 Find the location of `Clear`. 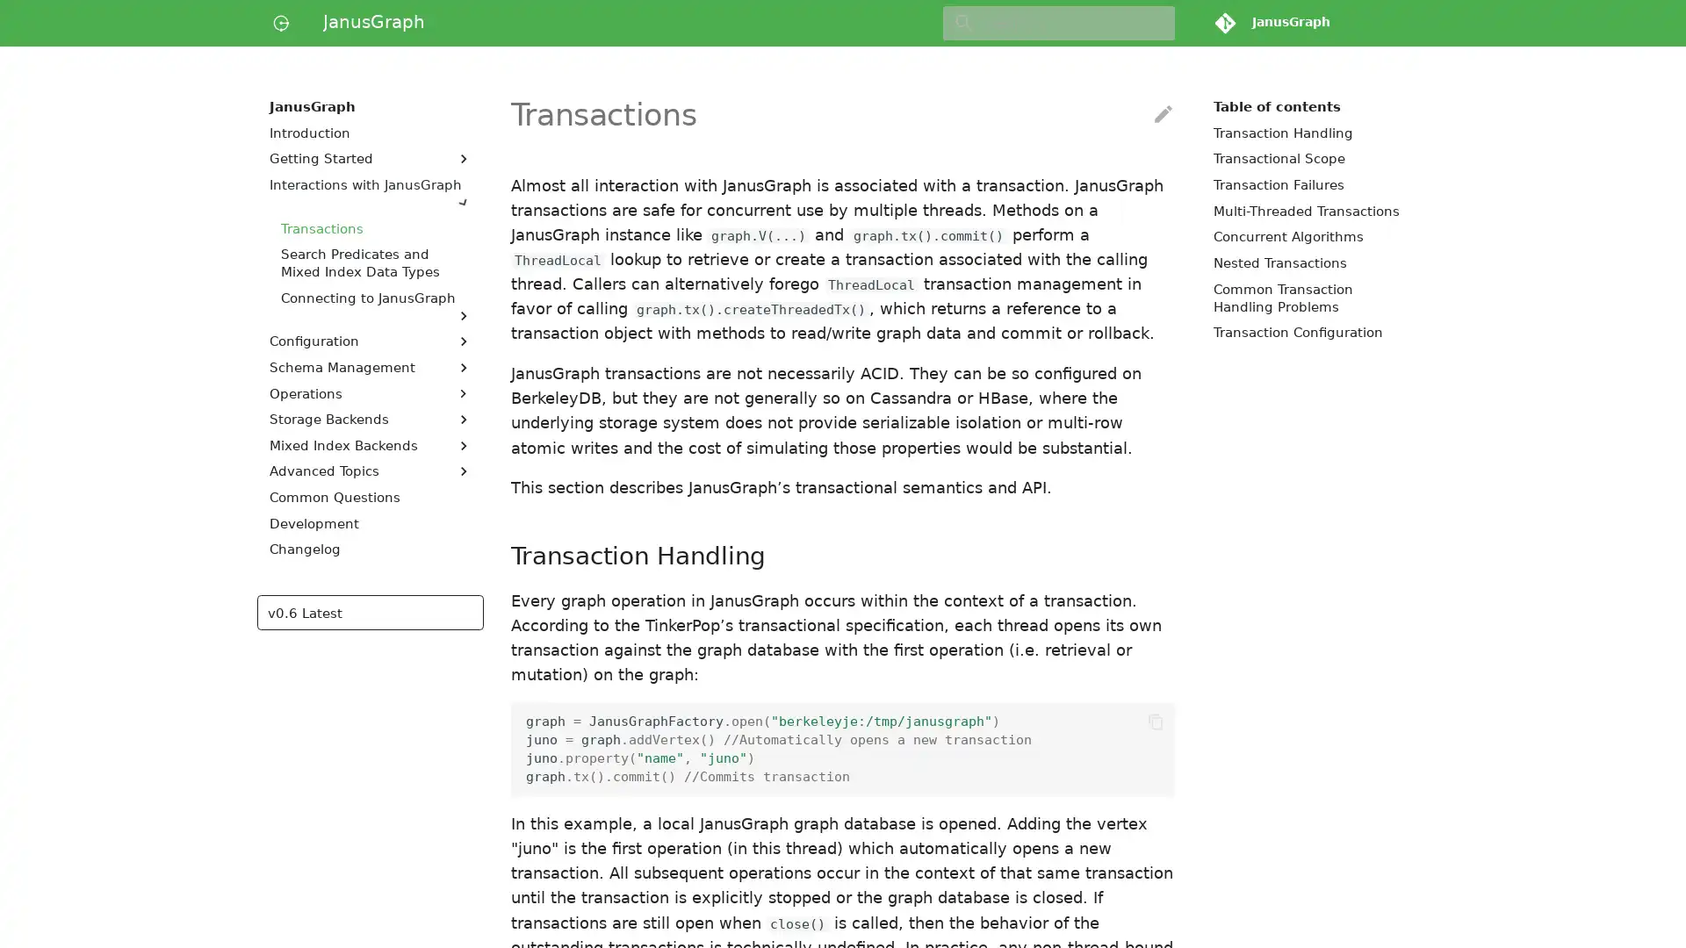

Clear is located at coordinates (1154, 23).